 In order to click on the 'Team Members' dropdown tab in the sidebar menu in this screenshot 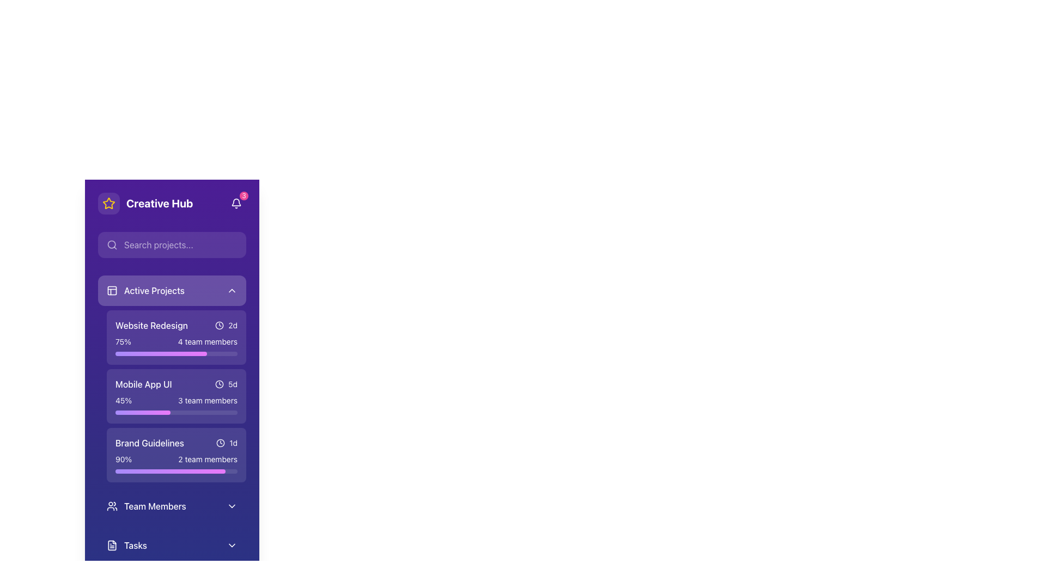, I will do `click(172, 506)`.